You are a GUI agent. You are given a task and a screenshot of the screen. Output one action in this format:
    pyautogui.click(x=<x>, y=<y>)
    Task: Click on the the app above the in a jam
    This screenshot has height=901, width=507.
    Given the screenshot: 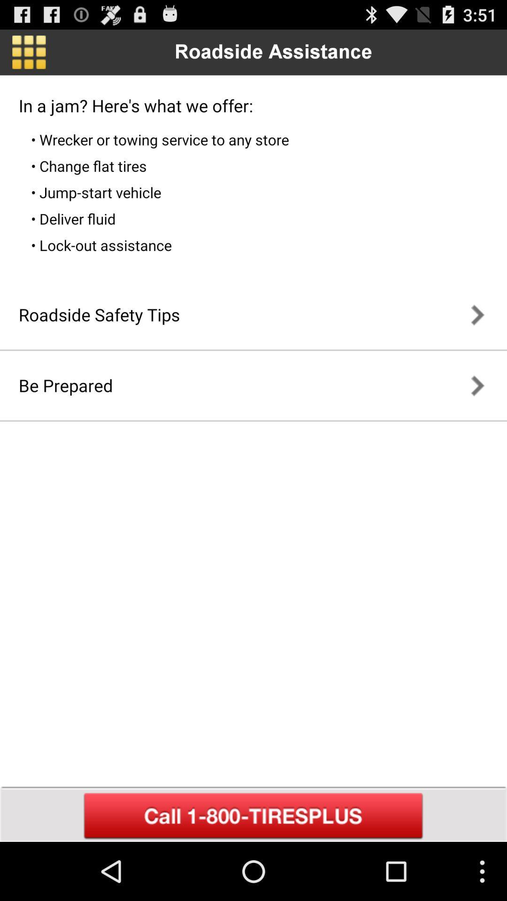 What is the action you would take?
    pyautogui.click(x=28, y=52)
    